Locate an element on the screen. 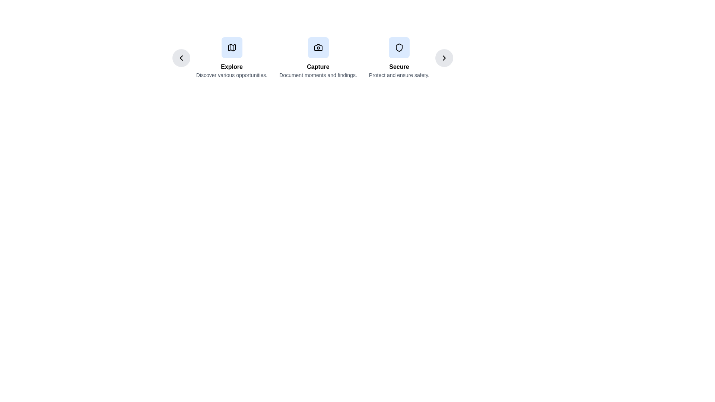  the descriptive text label located at the bottom section of the 'Secure' card, directly underneath its title is located at coordinates (398, 75).